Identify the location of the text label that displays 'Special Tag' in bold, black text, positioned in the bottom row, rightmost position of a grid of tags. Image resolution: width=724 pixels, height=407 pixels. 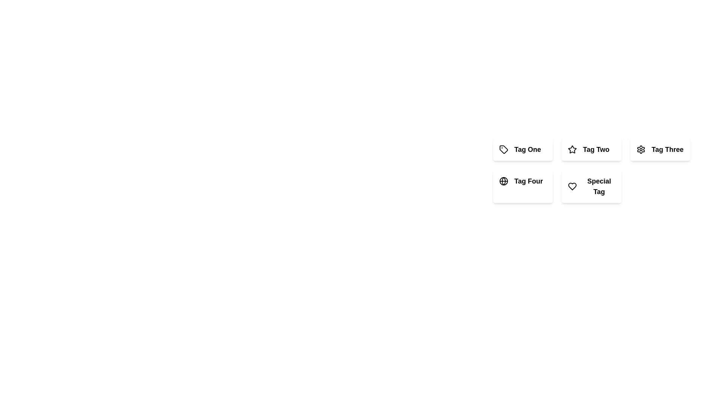
(598, 186).